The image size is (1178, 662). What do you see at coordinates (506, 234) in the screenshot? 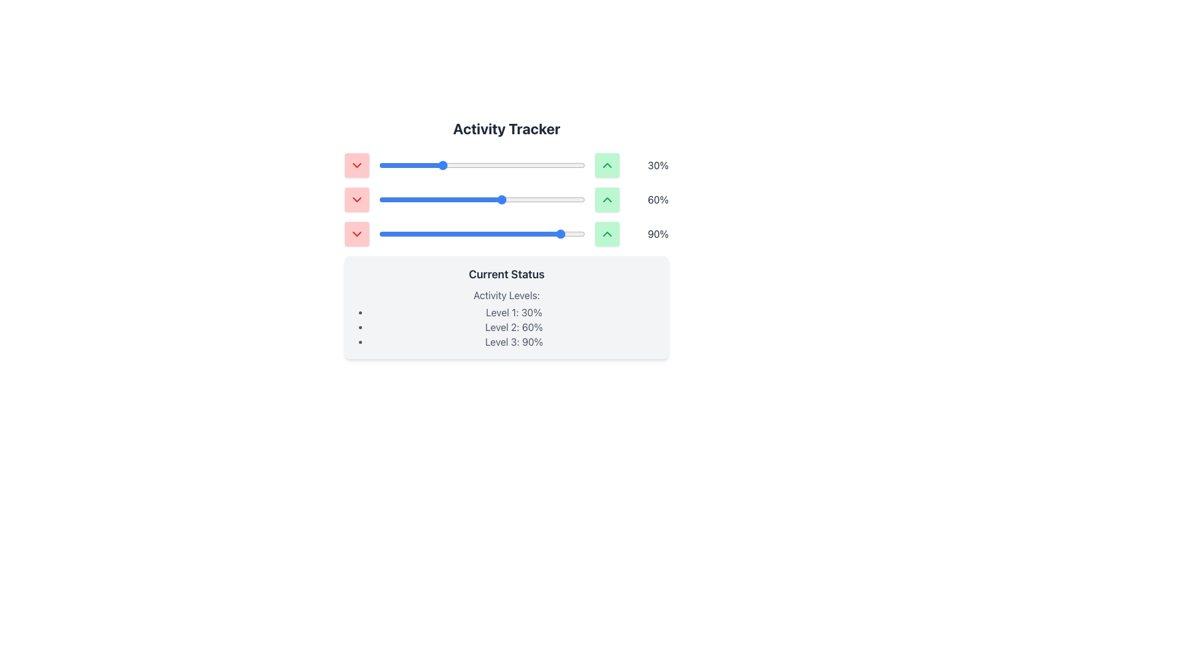
I see `the third Range slider element, which features a blue track, thumb control, a red button with a downward chevron icon on the left, a green button with an upward chevron icon on the right, and a label indicating '90%'` at bounding box center [506, 234].